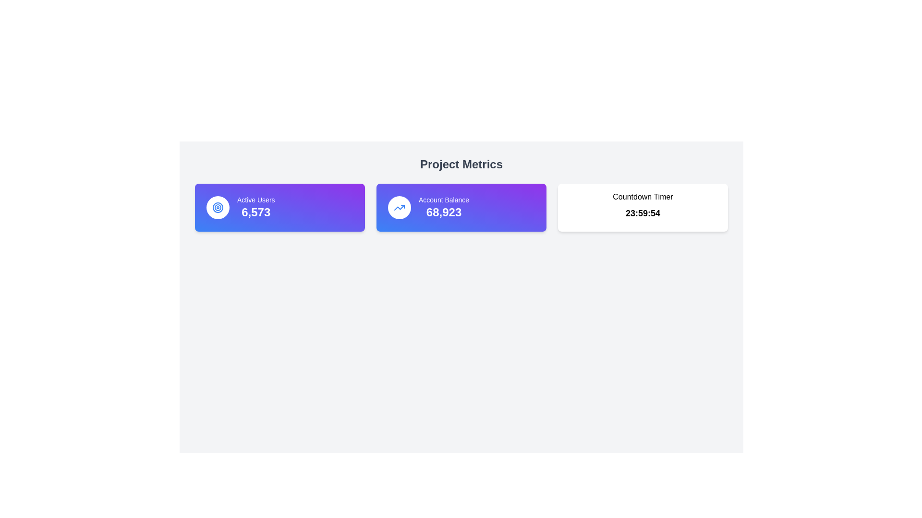  What do you see at coordinates (256, 212) in the screenshot?
I see `the text label displaying the numerical value '6,573', which is positioned below the label 'Active Users' in a large, bold font on a gradient blue-purple background` at bounding box center [256, 212].